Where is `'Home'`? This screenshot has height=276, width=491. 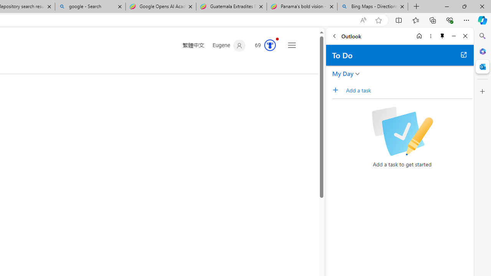 'Home' is located at coordinates (419, 36).